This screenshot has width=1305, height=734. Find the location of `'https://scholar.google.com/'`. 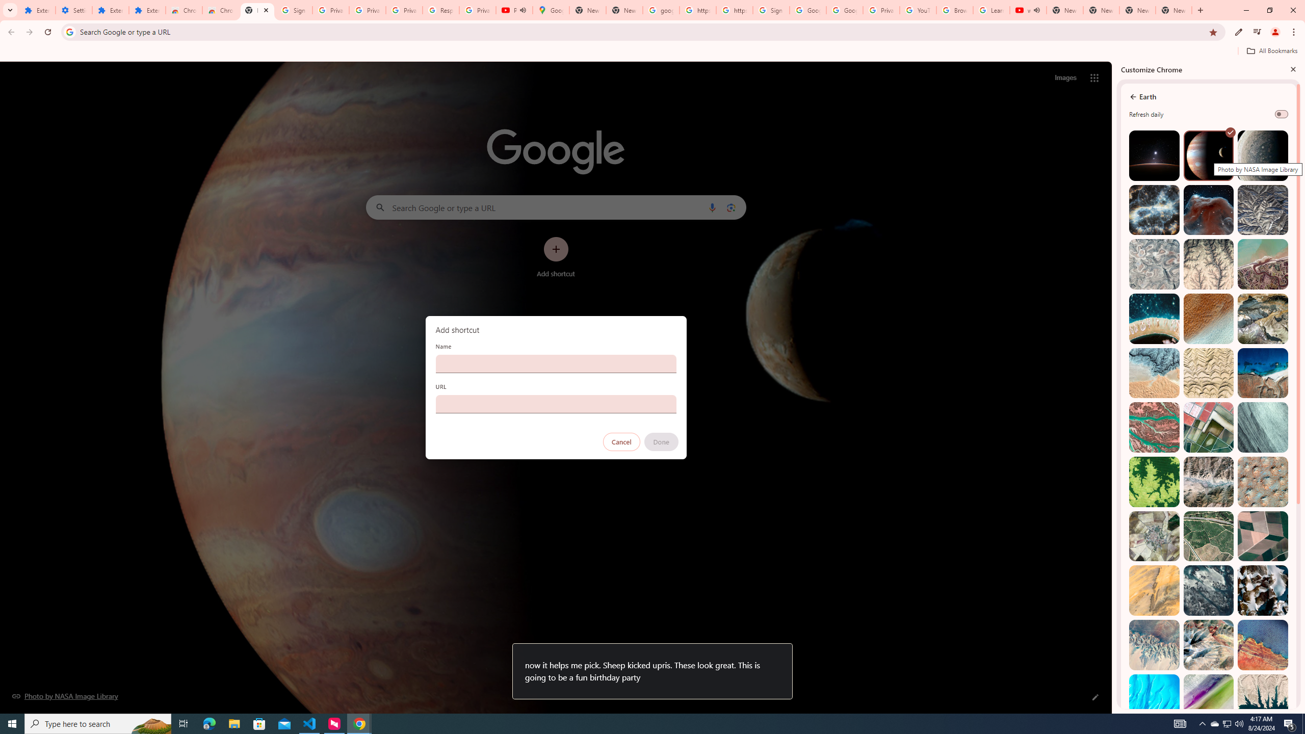

'https://scholar.google.com/' is located at coordinates (697, 10).